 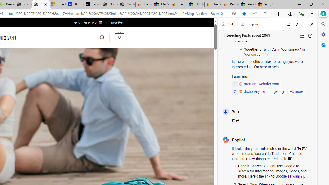 I want to click on ' 0 ', so click(x=119, y=37).